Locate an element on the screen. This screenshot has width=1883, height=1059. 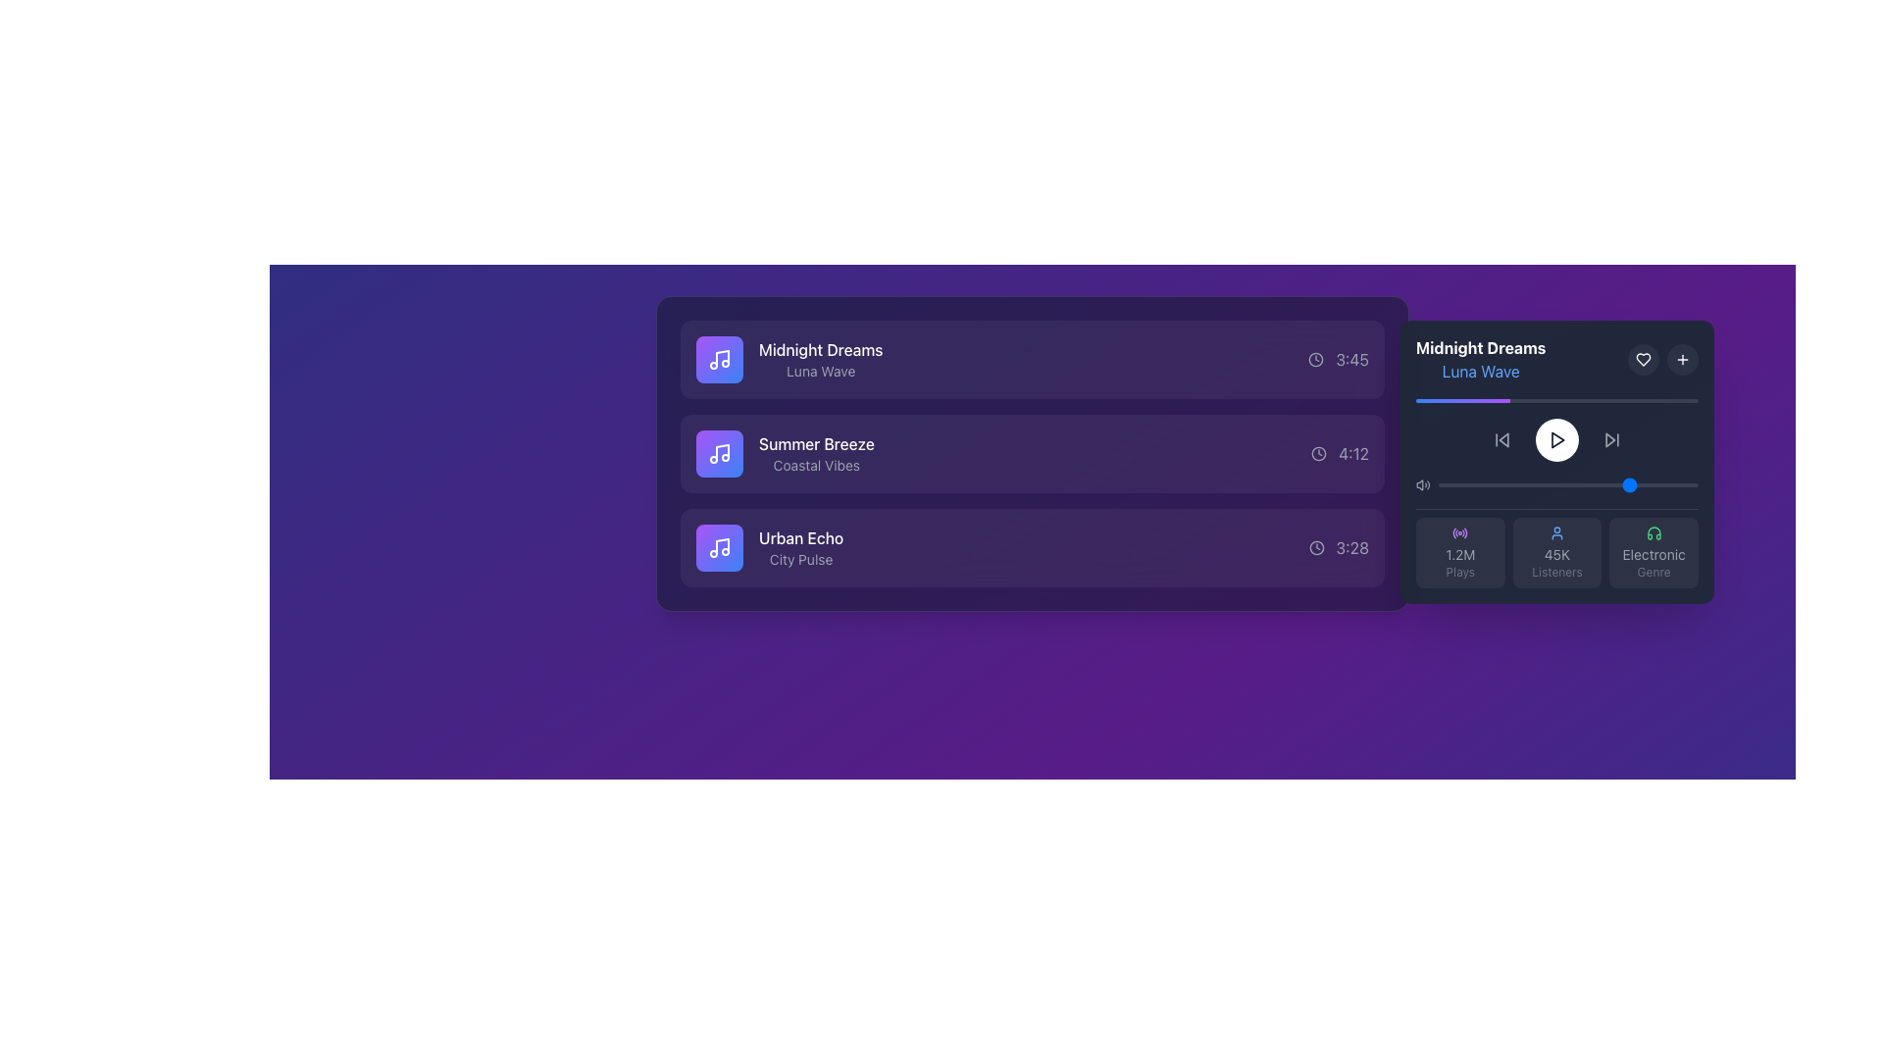
the song title text label that is the third item in a vertically aligned list, displayed above the smaller text 'City Pulse' is located at coordinates (801, 537).